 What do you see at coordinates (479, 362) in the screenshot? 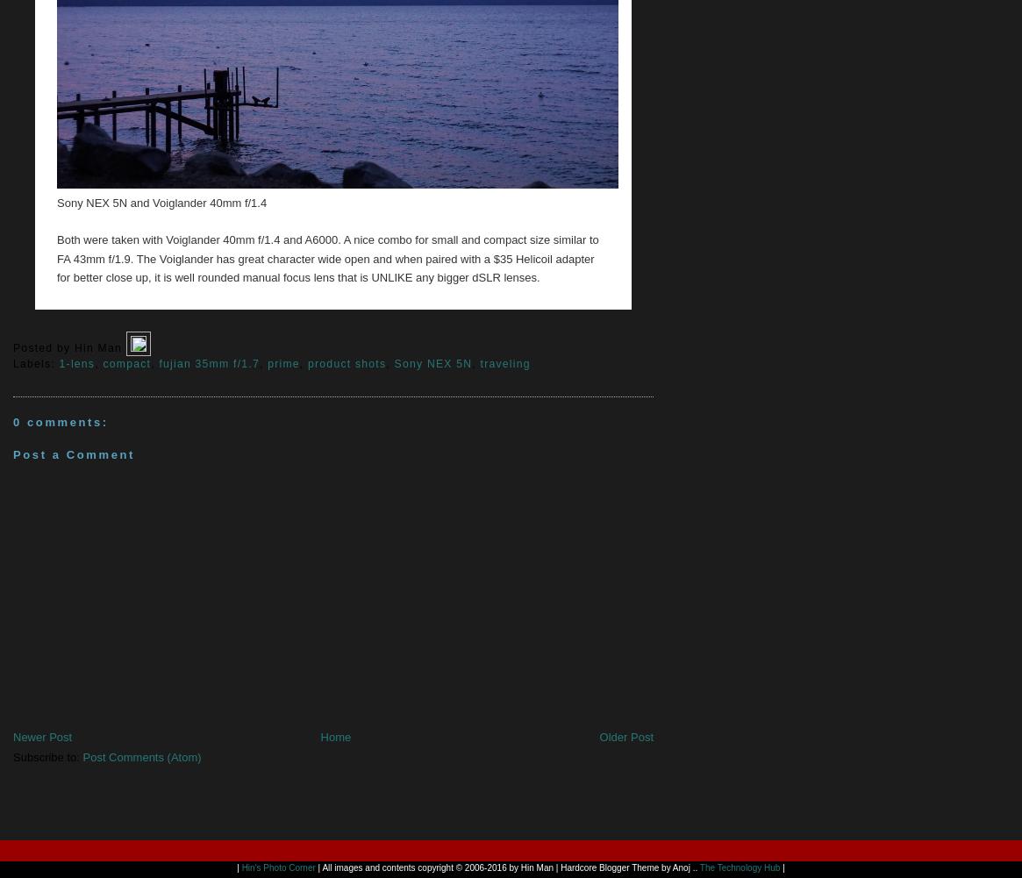
I see `'traveling'` at bounding box center [479, 362].